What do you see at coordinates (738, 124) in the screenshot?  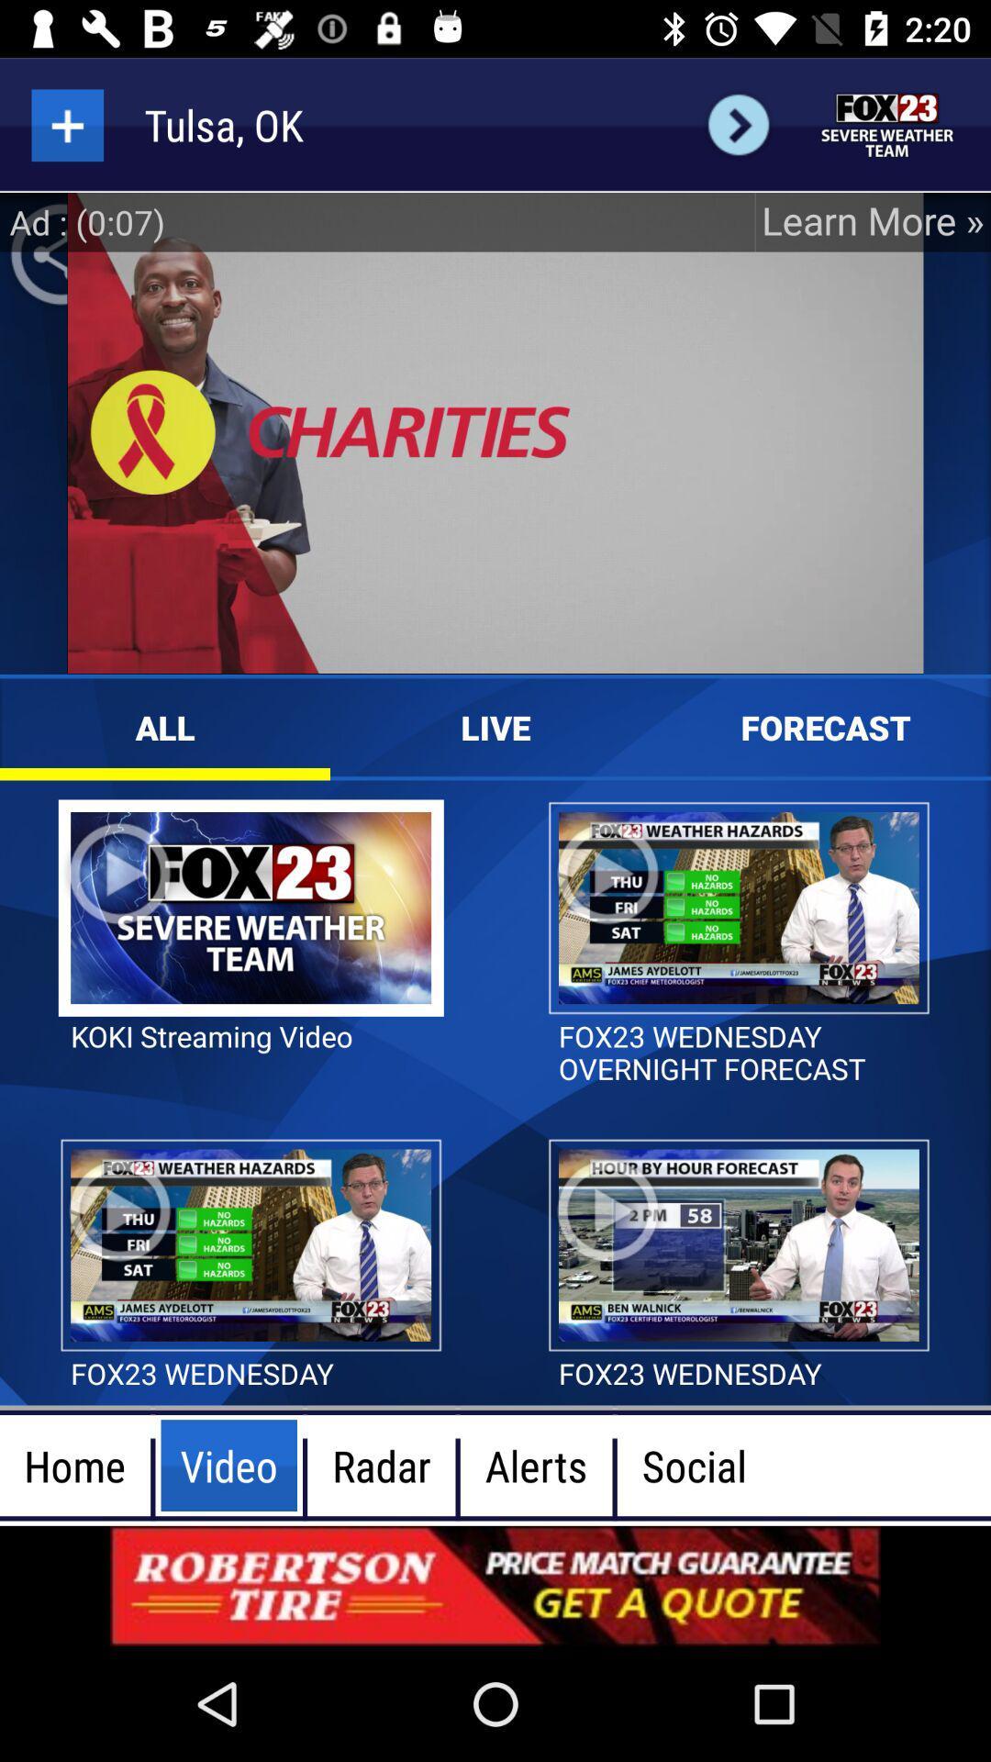 I see `go forward` at bounding box center [738, 124].